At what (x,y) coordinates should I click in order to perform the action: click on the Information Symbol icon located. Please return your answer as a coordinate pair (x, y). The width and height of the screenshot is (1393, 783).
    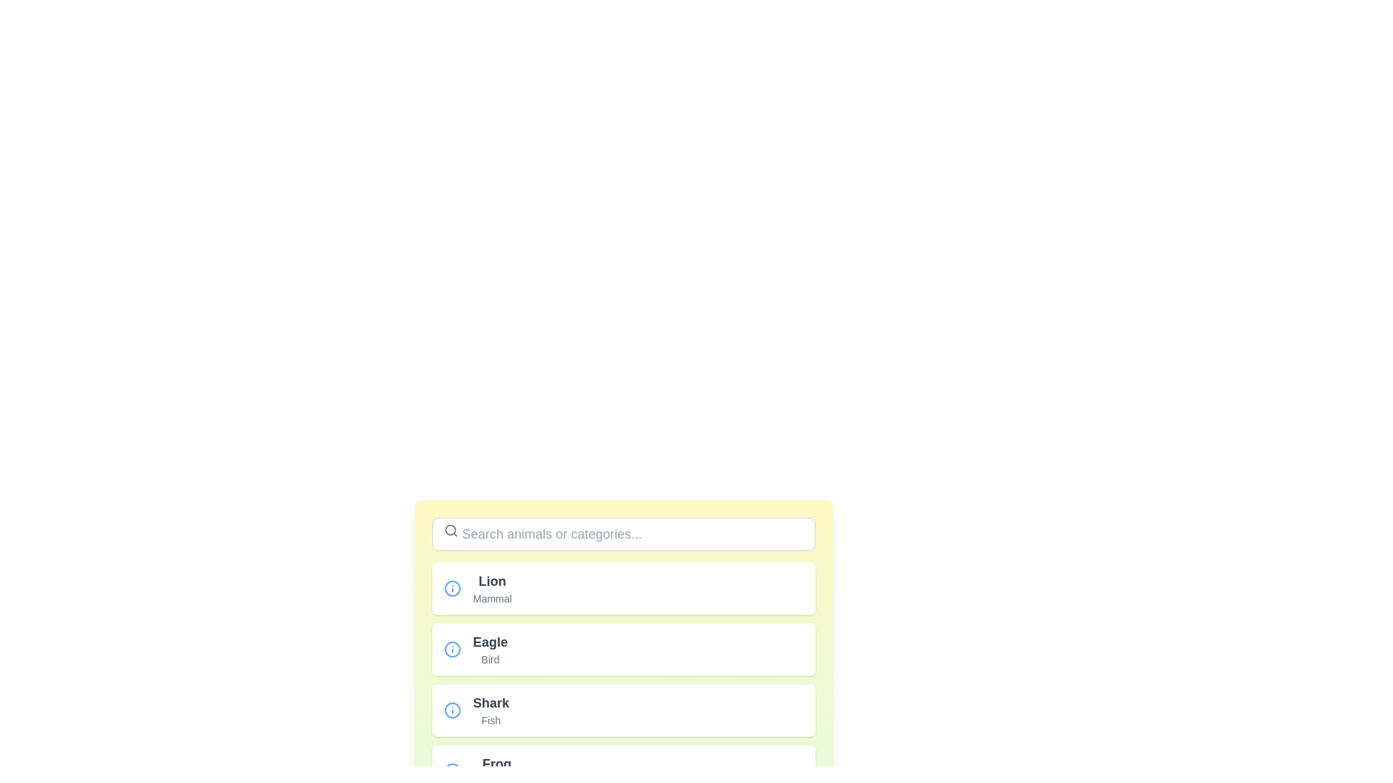
    Looking at the image, I should click on (452, 648).